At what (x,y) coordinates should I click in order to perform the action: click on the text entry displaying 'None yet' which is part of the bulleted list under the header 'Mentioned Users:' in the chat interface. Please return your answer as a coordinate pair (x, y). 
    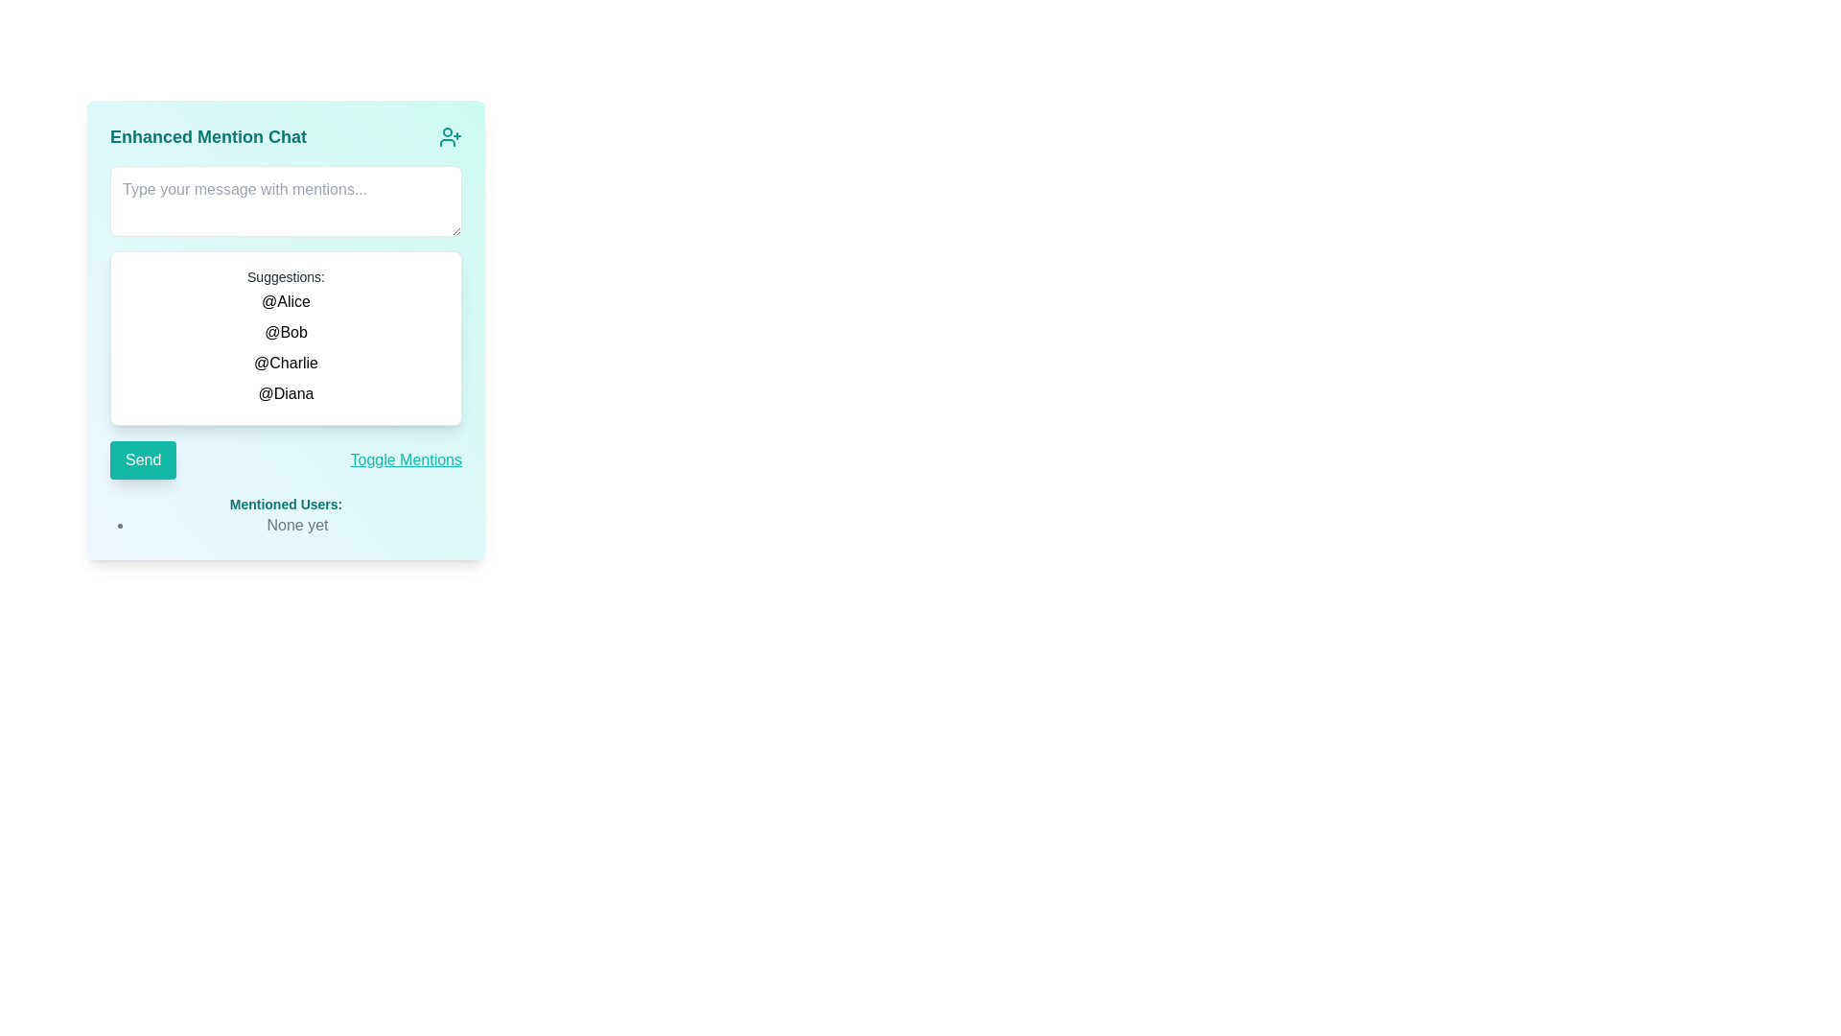
    Looking at the image, I should click on (296, 525).